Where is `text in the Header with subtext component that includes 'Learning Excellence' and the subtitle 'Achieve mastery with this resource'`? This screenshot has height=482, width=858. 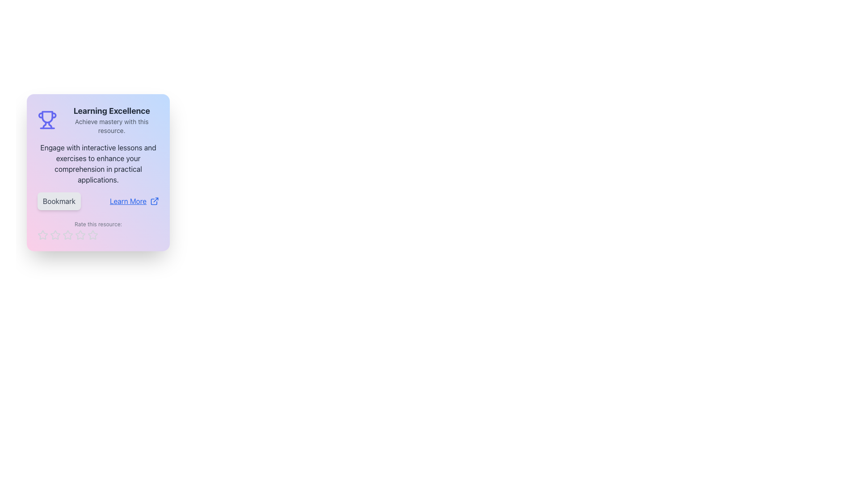
text in the Header with subtext component that includes 'Learning Excellence' and the subtitle 'Achieve mastery with this resource' is located at coordinates (111, 120).